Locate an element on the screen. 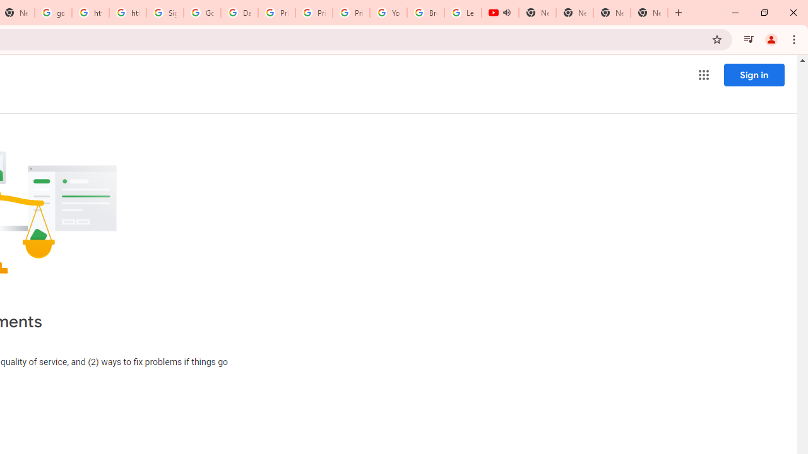 This screenshot has height=454, width=808. 'YouTube' is located at coordinates (388, 13).